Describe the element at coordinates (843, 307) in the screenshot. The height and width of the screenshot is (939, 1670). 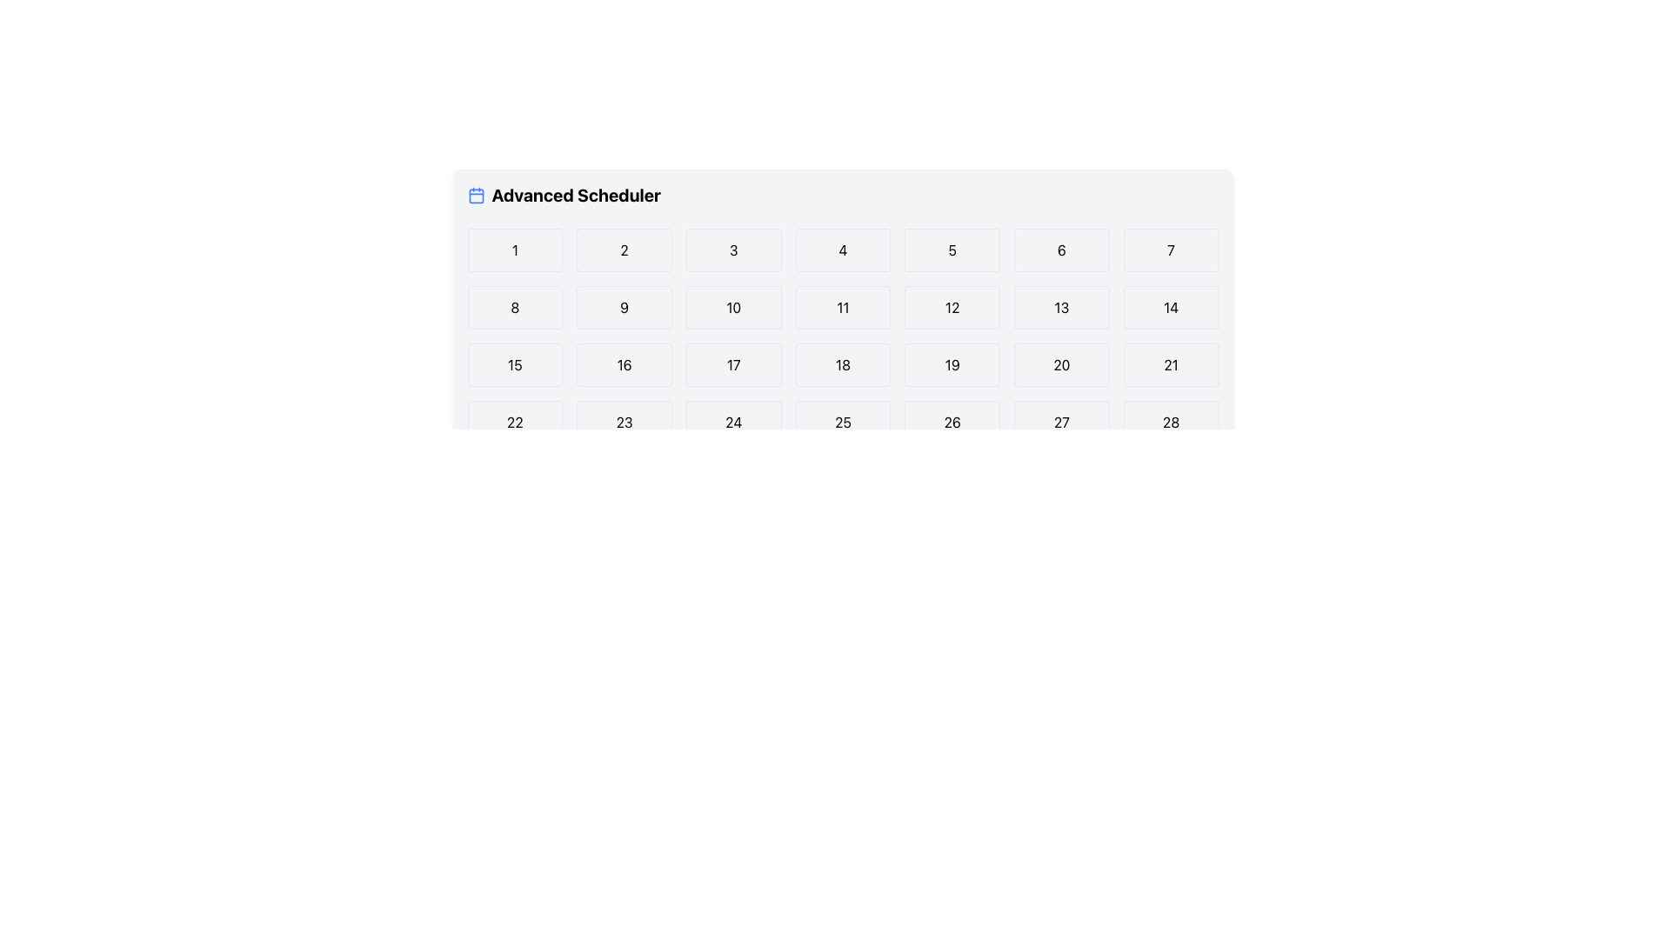
I see `the selectable item representing the number '11' in the calendar interface` at that location.